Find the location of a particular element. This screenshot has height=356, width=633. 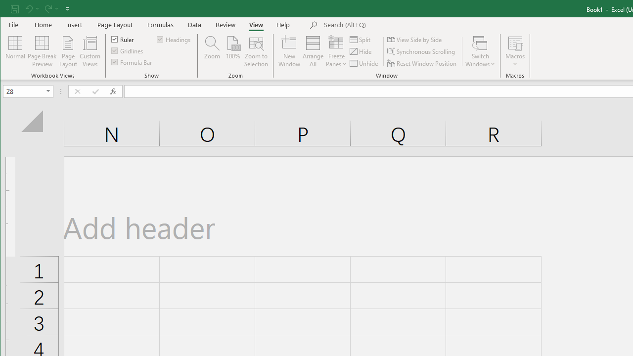

'Unhide...' is located at coordinates (364, 63).